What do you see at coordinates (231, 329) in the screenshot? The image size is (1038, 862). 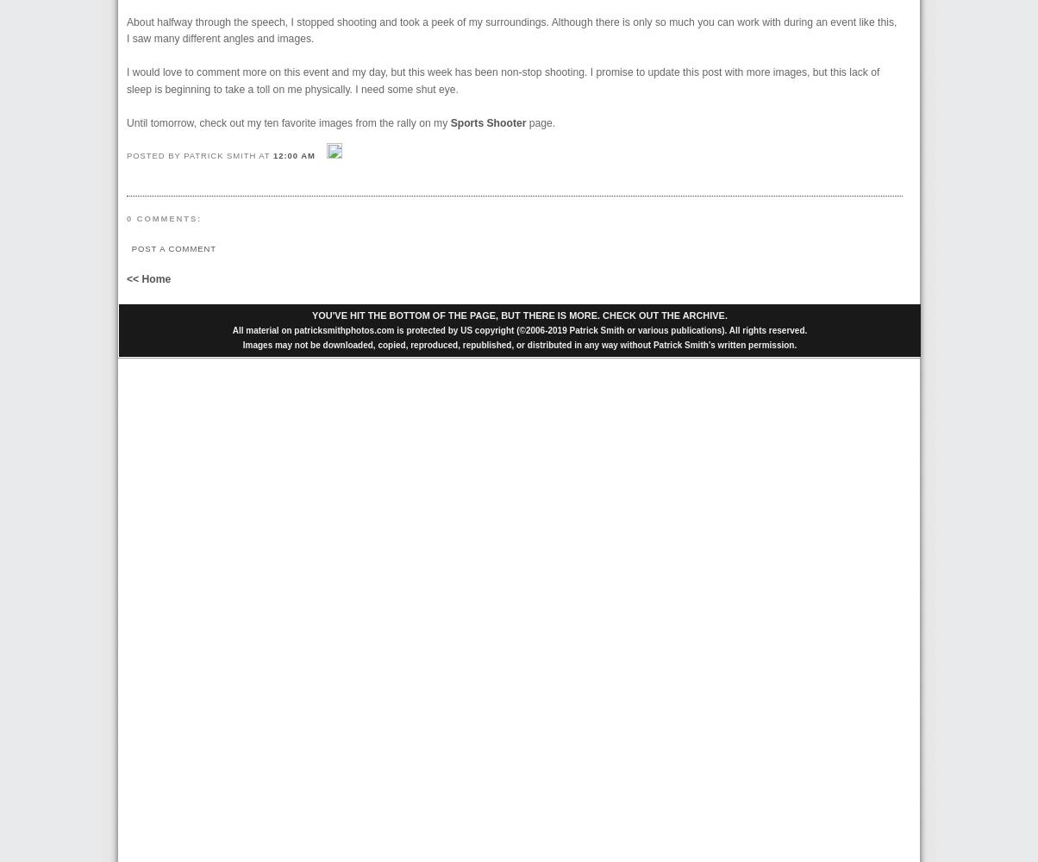 I see `'All material on patricksmithphotos.com is protected by US copyright (©2006-2019 Patrick Smith or various publications). All rights reserved.'` at bounding box center [231, 329].